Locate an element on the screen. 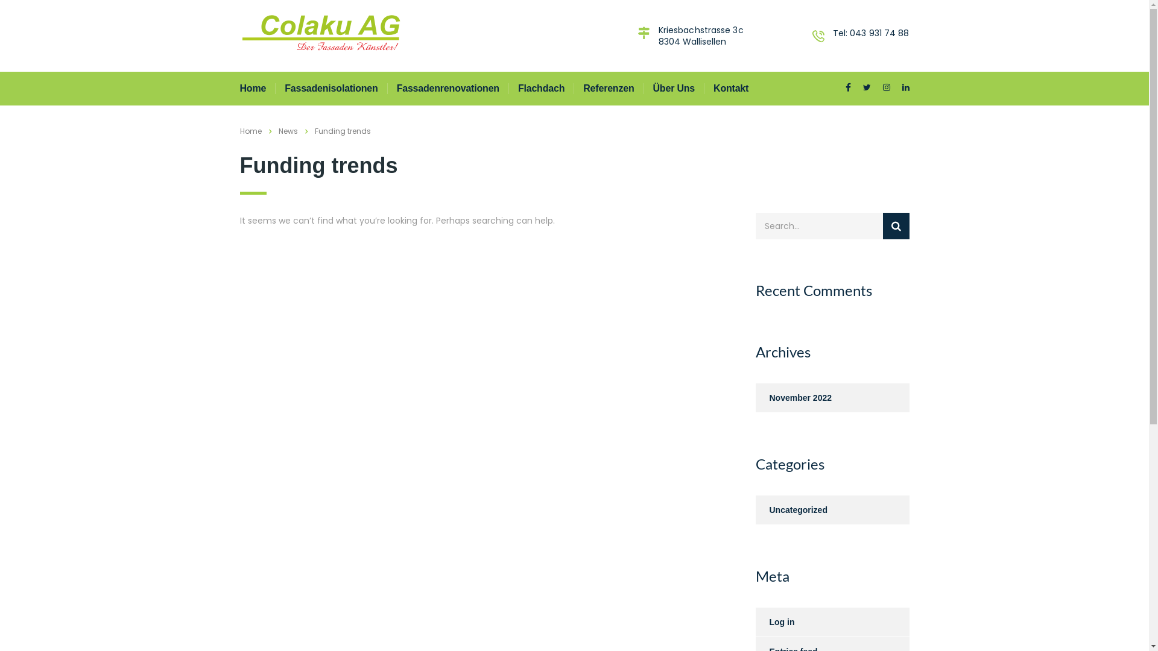 Image resolution: width=1158 pixels, height=651 pixels. 'Social item' is located at coordinates (862, 87).